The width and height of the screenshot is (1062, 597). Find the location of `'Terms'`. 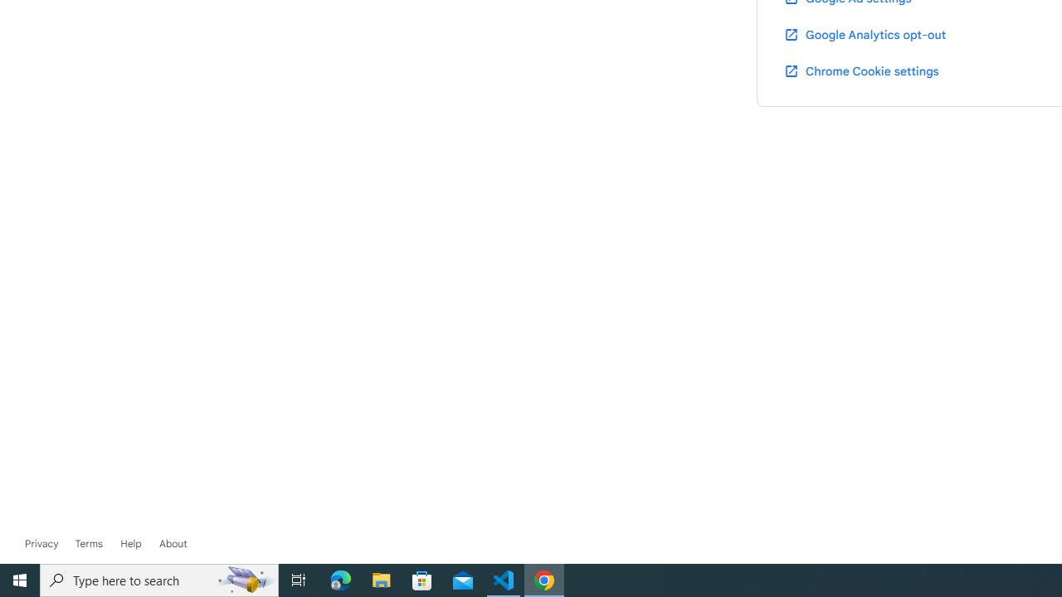

'Terms' is located at coordinates (87, 543).